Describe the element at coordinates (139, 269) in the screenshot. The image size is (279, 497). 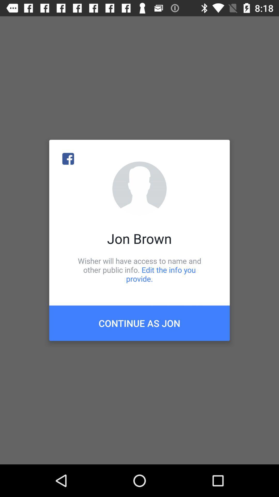
I see `item below jon brown item` at that location.